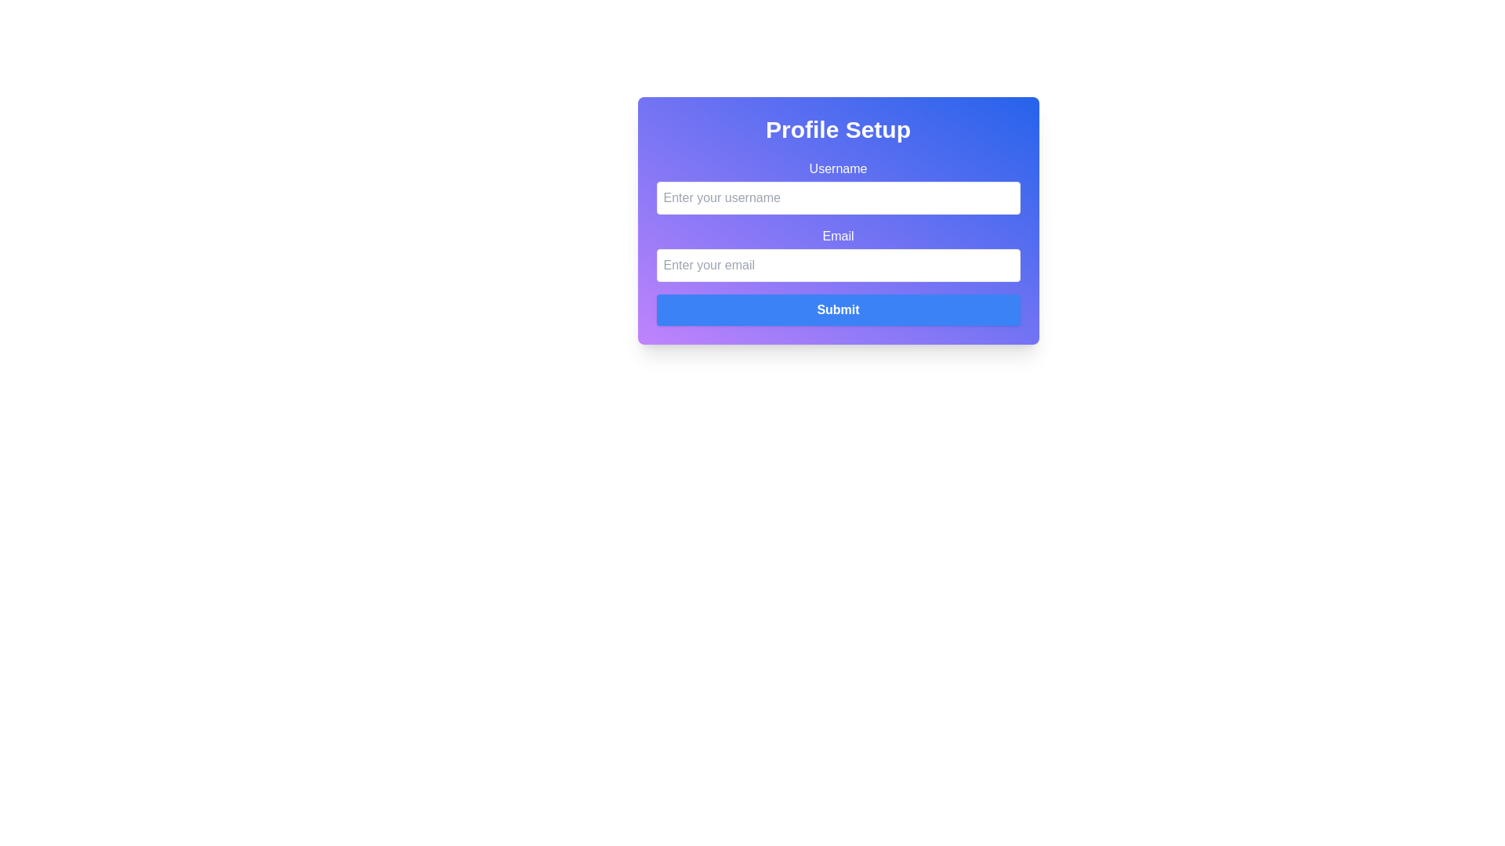 This screenshot has height=846, width=1505. Describe the element at coordinates (837, 310) in the screenshot. I see `the blue rectangular 'Submit' button located at the bottom of the vertical form` at that location.